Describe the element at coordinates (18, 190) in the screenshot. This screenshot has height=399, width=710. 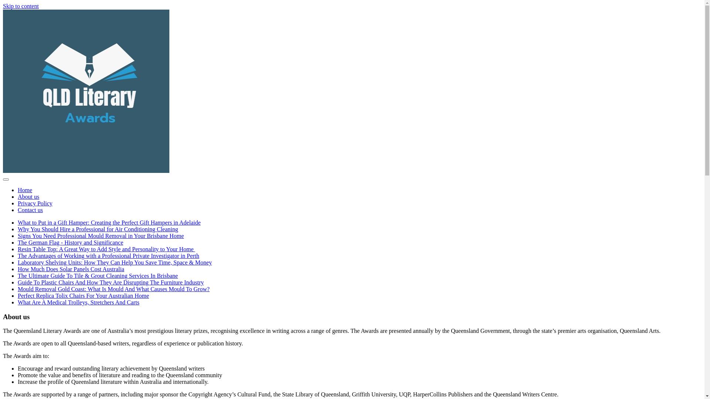
I see `'Home'` at that location.